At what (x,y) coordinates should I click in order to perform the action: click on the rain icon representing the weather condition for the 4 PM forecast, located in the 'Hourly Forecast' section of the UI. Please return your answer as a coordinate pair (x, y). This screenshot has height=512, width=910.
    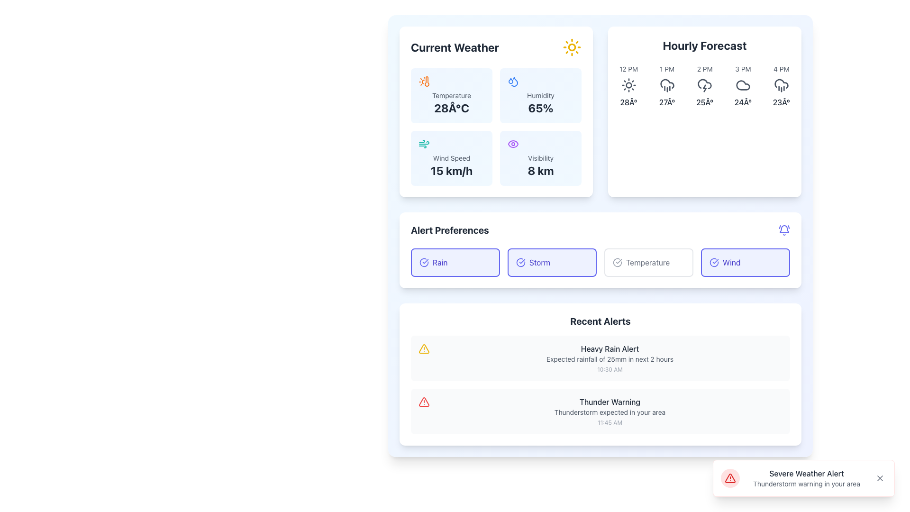
    Looking at the image, I should click on (781, 85).